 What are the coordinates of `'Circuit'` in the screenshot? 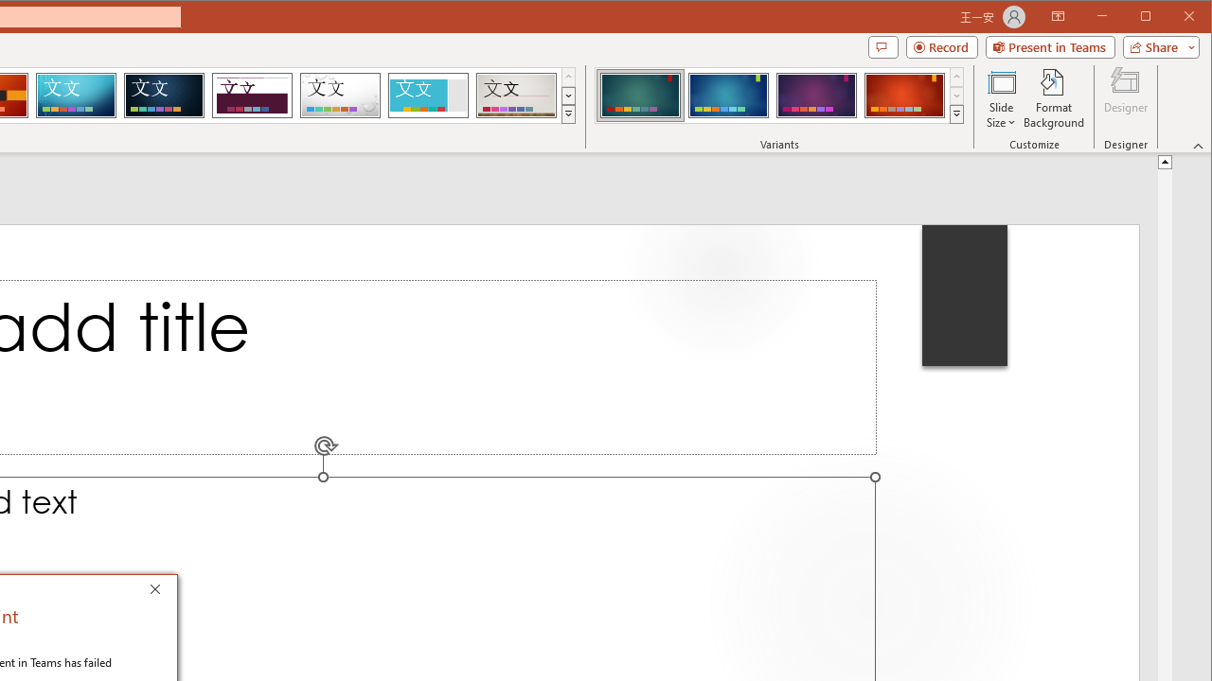 It's located at (76, 95).